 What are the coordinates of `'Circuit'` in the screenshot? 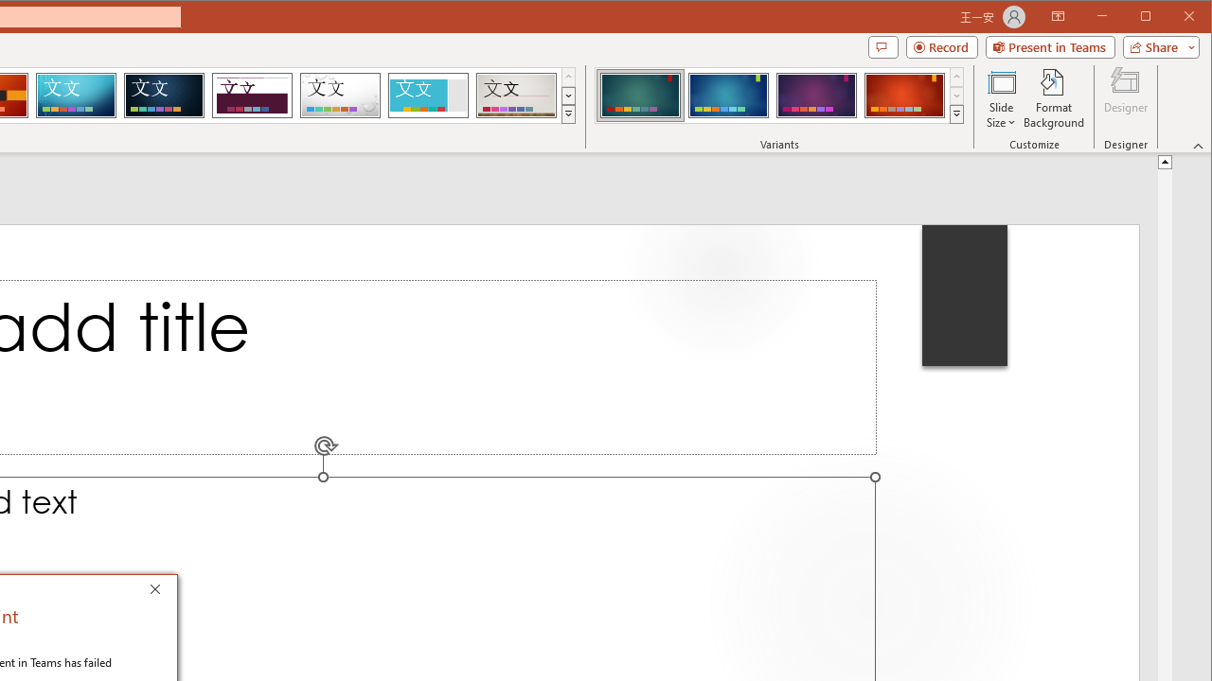 It's located at (76, 95).